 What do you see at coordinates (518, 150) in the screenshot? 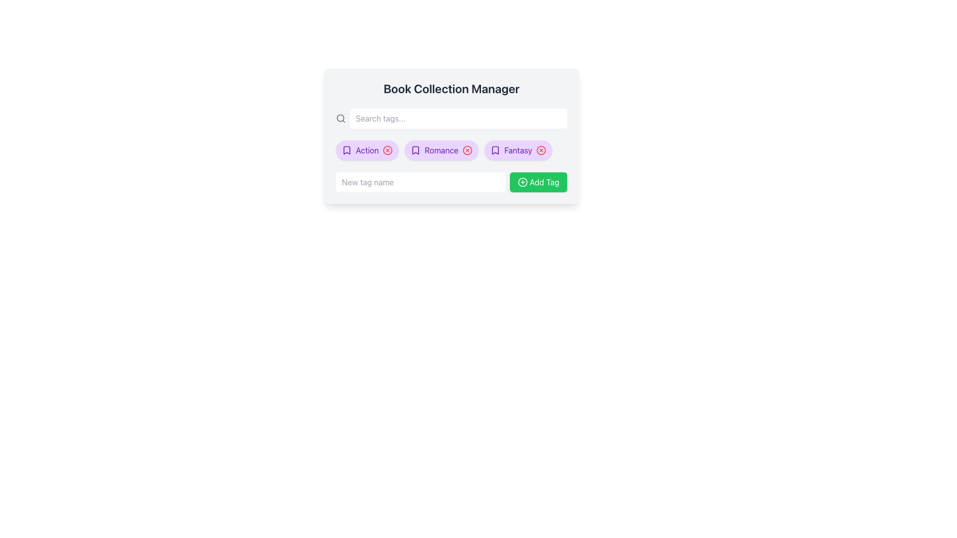
I see `text label that says 'Fantasy', which is part of a tag-like structure with a purple background located in the center-right of the tags under 'Book Collection Manager'` at bounding box center [518, 150].